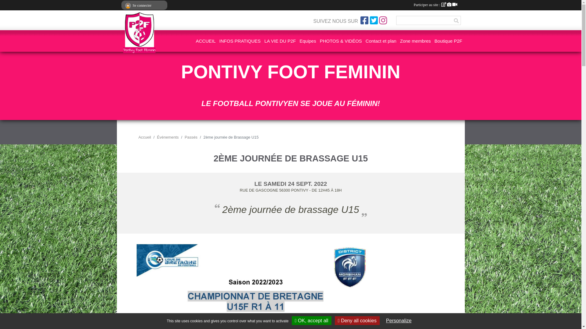 This screenshot has height=329, width=586. I want to click on 'Contact et plan', so click(366, 41).